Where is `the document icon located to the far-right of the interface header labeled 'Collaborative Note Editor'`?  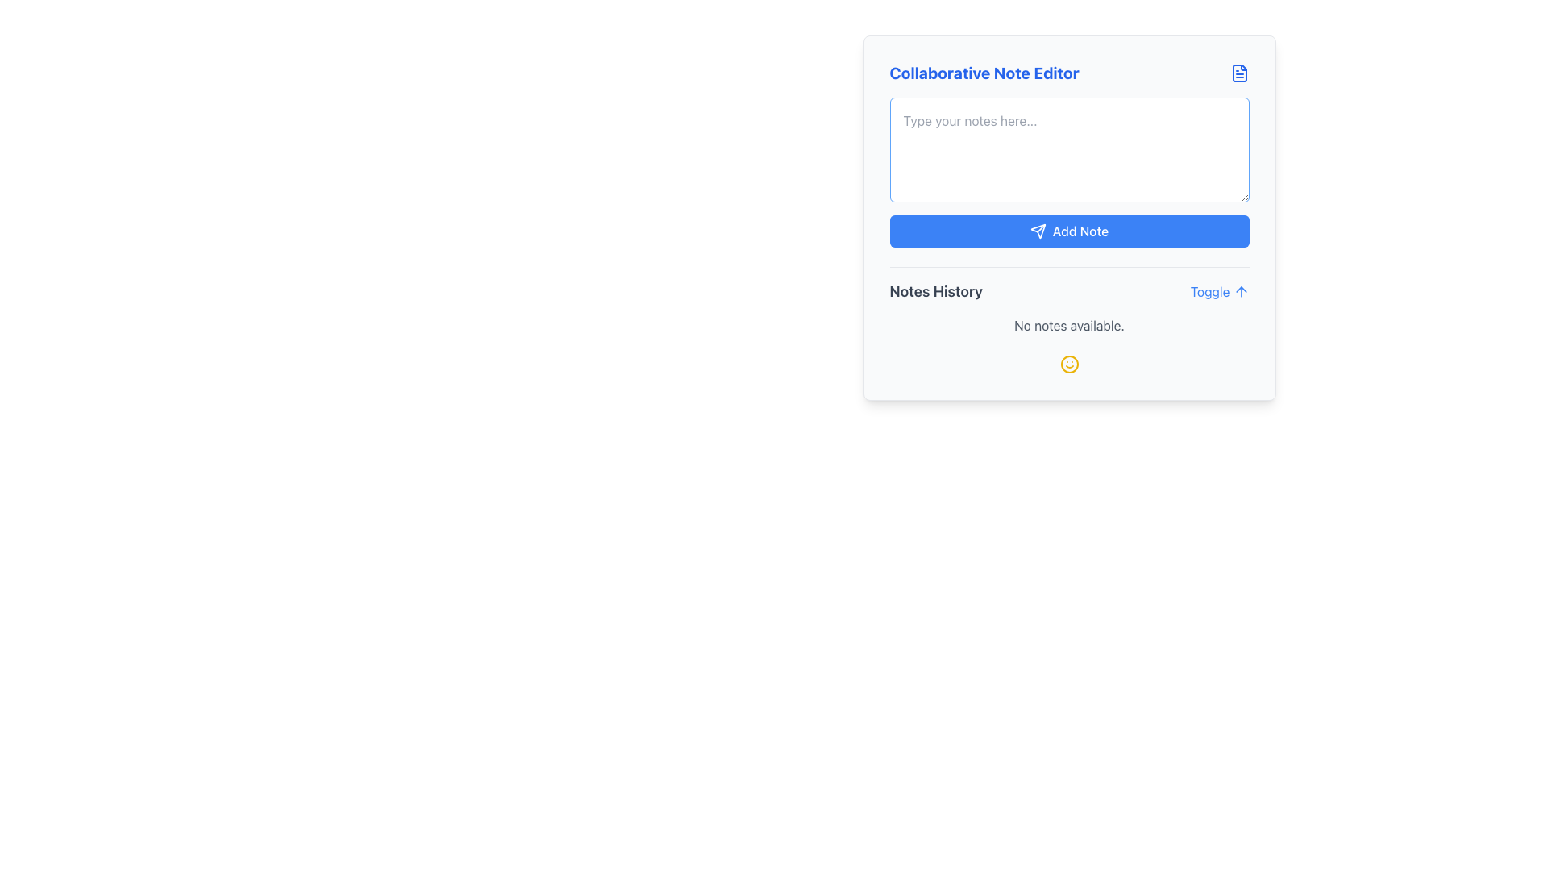
the document icon located to the far-right of the interface header labeled 'Collaborative Note Editor' is located at coordinates (1238, 73).